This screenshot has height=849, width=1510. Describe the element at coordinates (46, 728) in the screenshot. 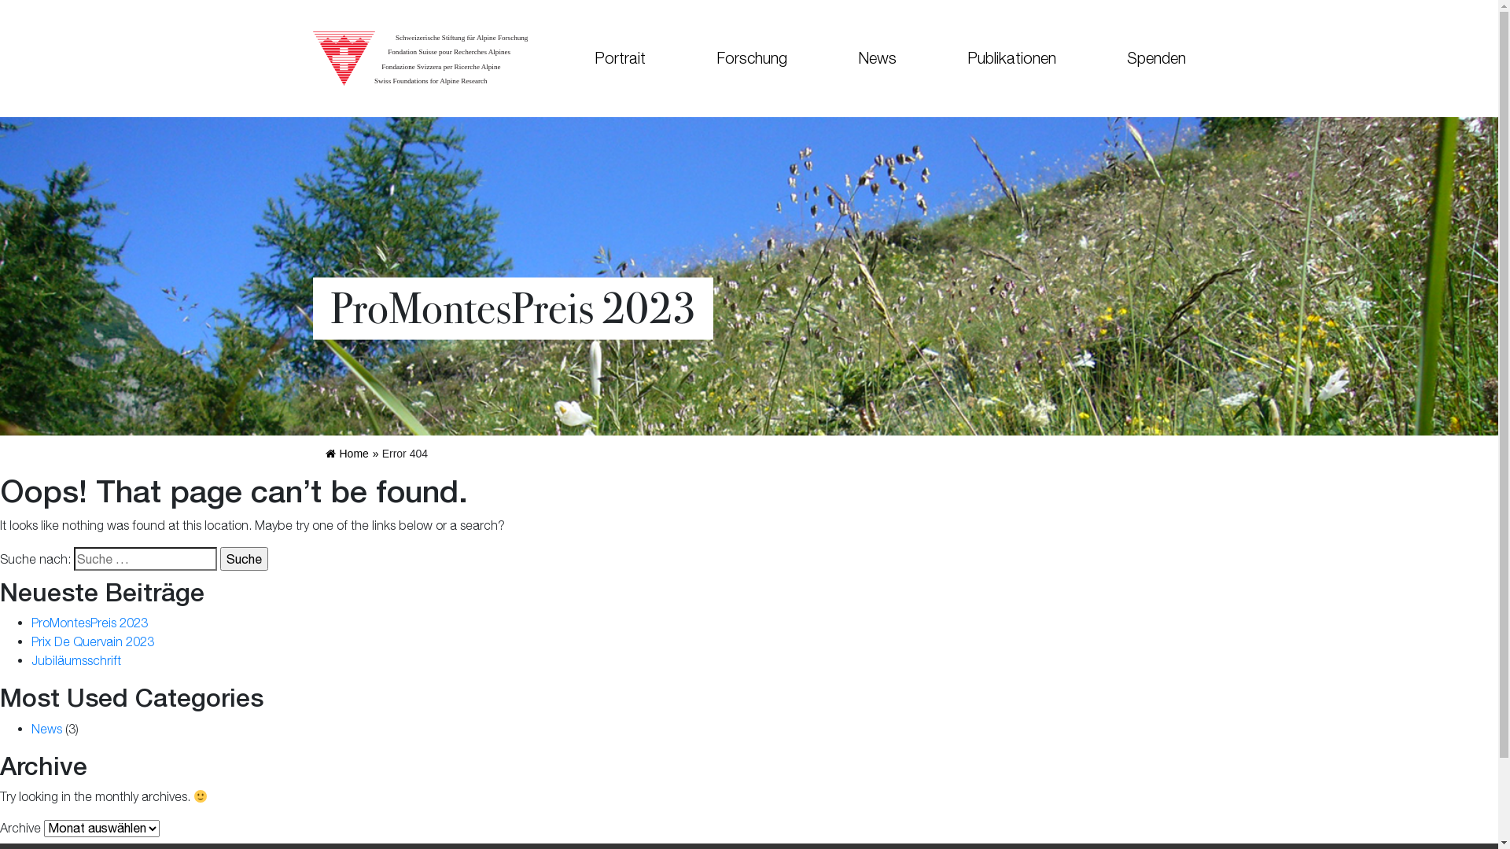

I see `'News'` at that location.